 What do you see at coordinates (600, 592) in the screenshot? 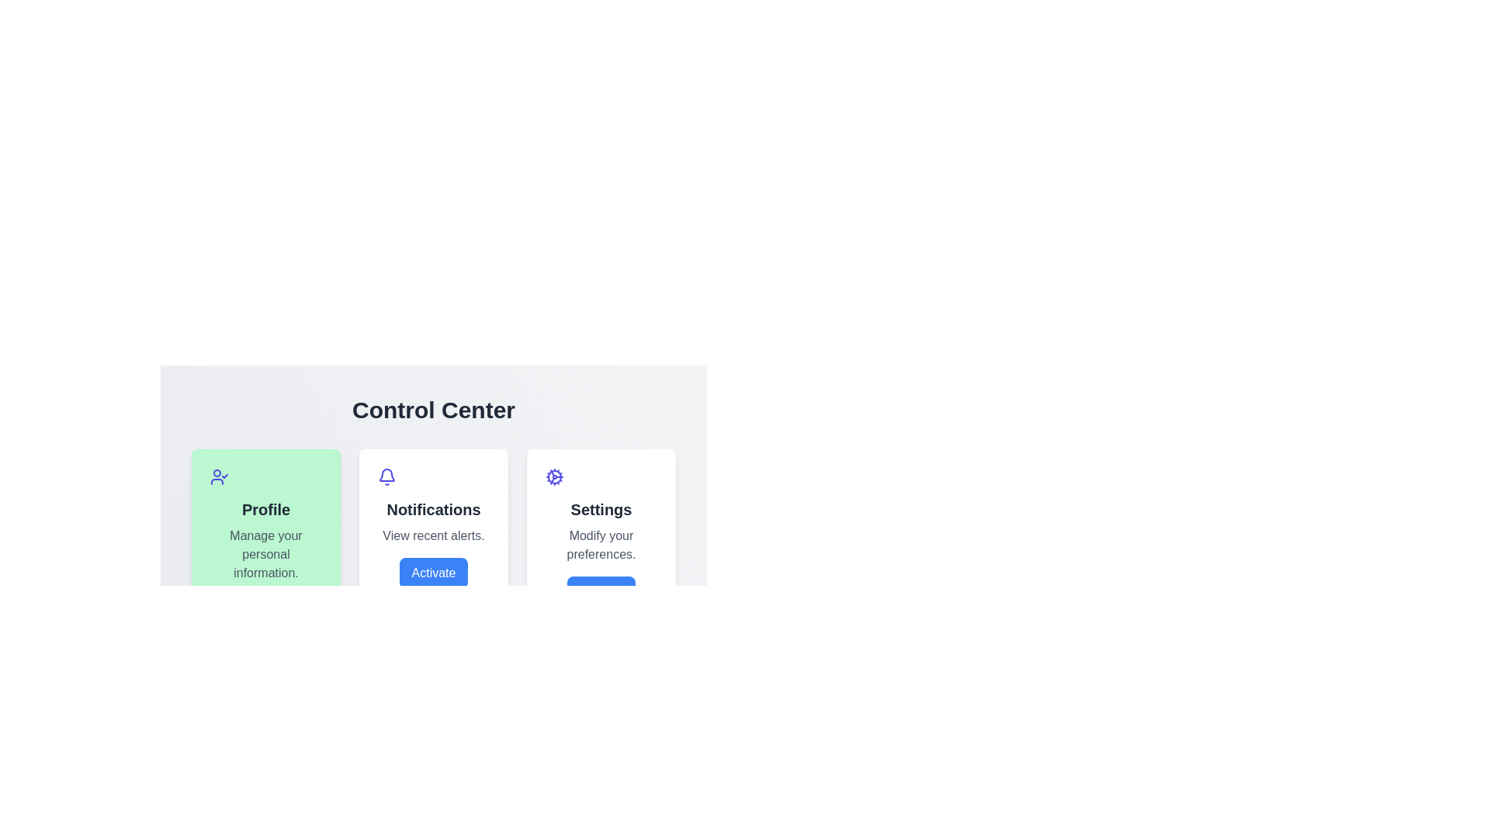
I see `the 'Activate' button located at the bottom of the 'Settings' card in the 'Control Center' section` at bounding box center [600, 592].